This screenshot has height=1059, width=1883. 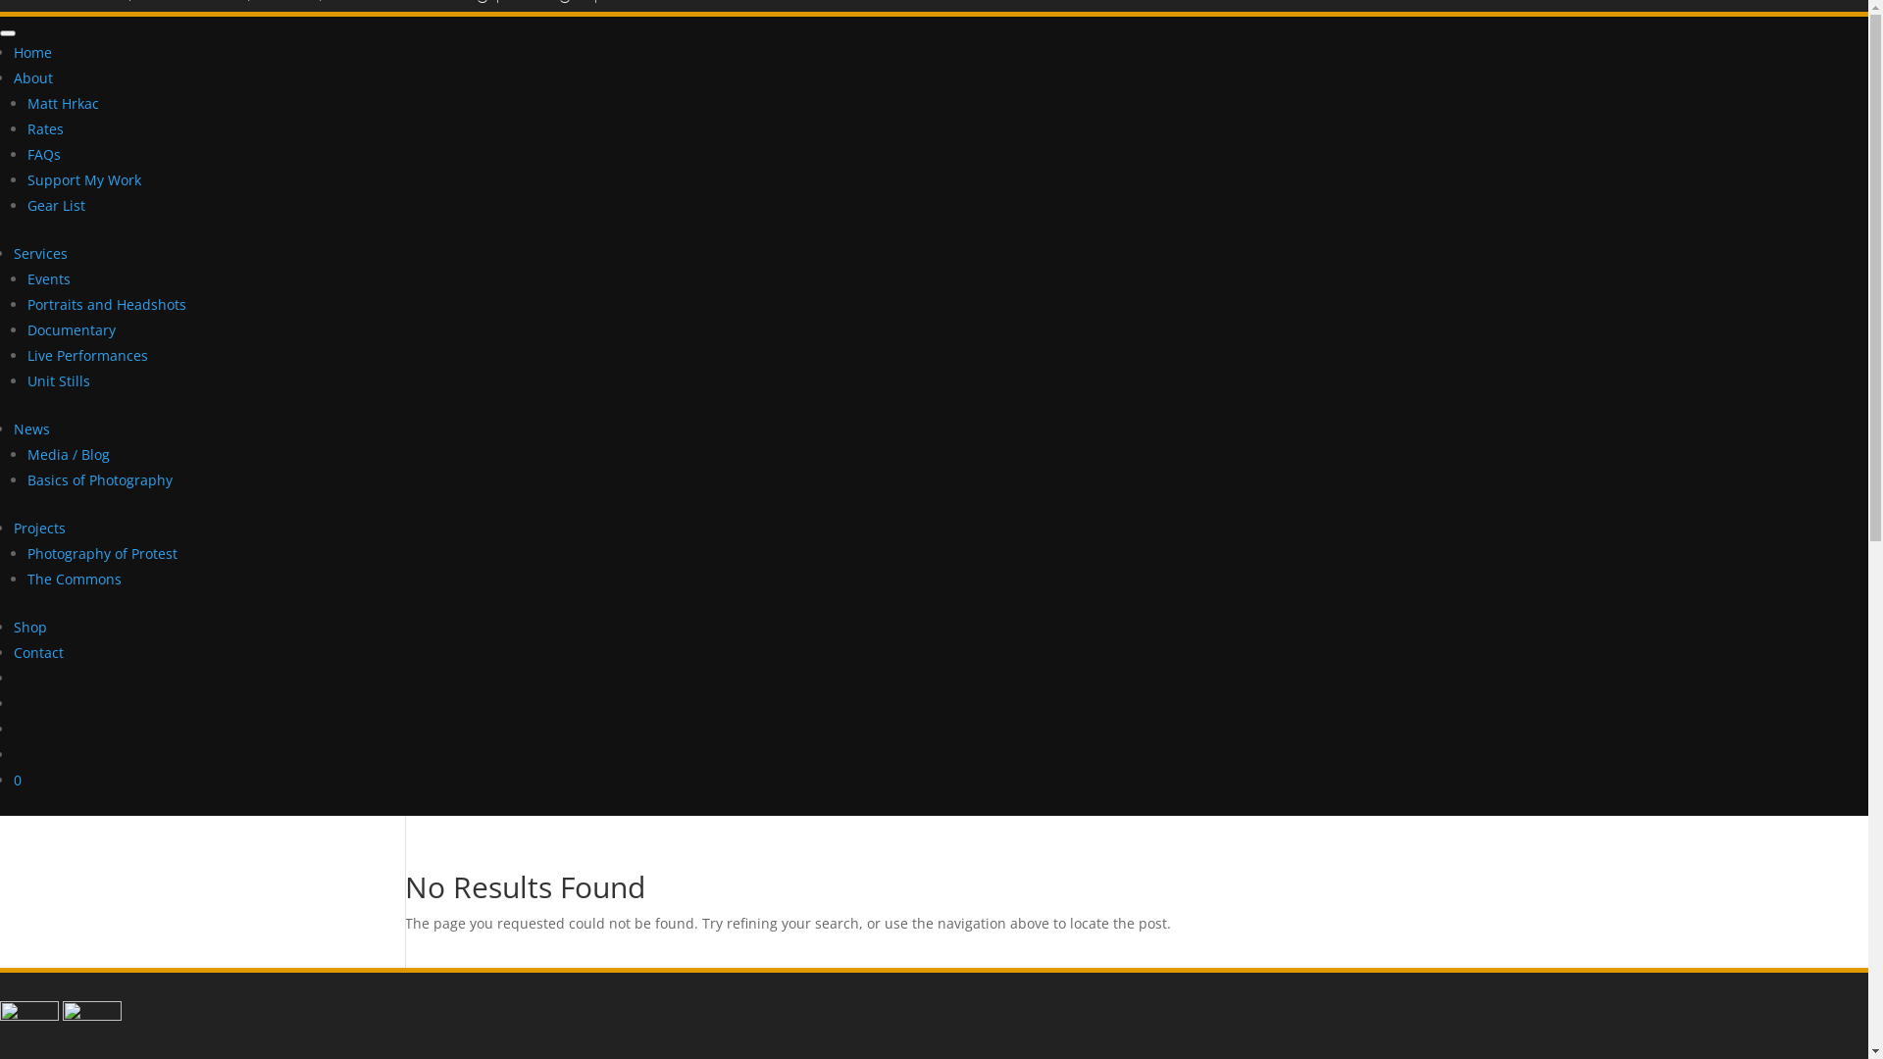 I want to click on 'Portraits and Headshots', so click(x=106, y=304).